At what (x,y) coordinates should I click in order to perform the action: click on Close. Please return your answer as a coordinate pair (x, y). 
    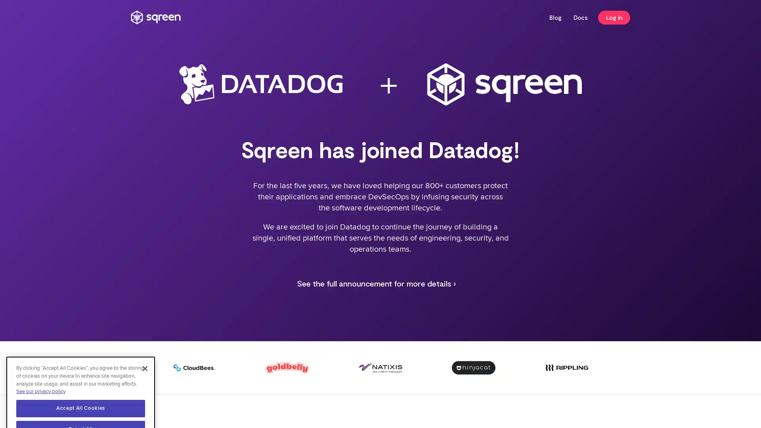
    Looking at the image, I should click on (145, 337).